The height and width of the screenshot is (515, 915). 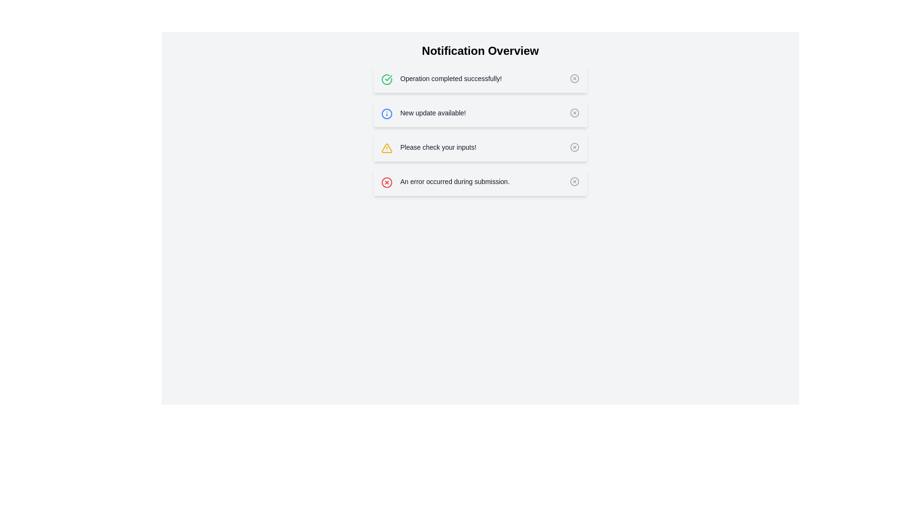 What do you see at coordinates (480, 131) in the screenshot?
I see `the Notification banner that alerts users of input issues, positioned between 'New update available!' and 'An error occurred during submission.'` at bounding box center [480, 131].